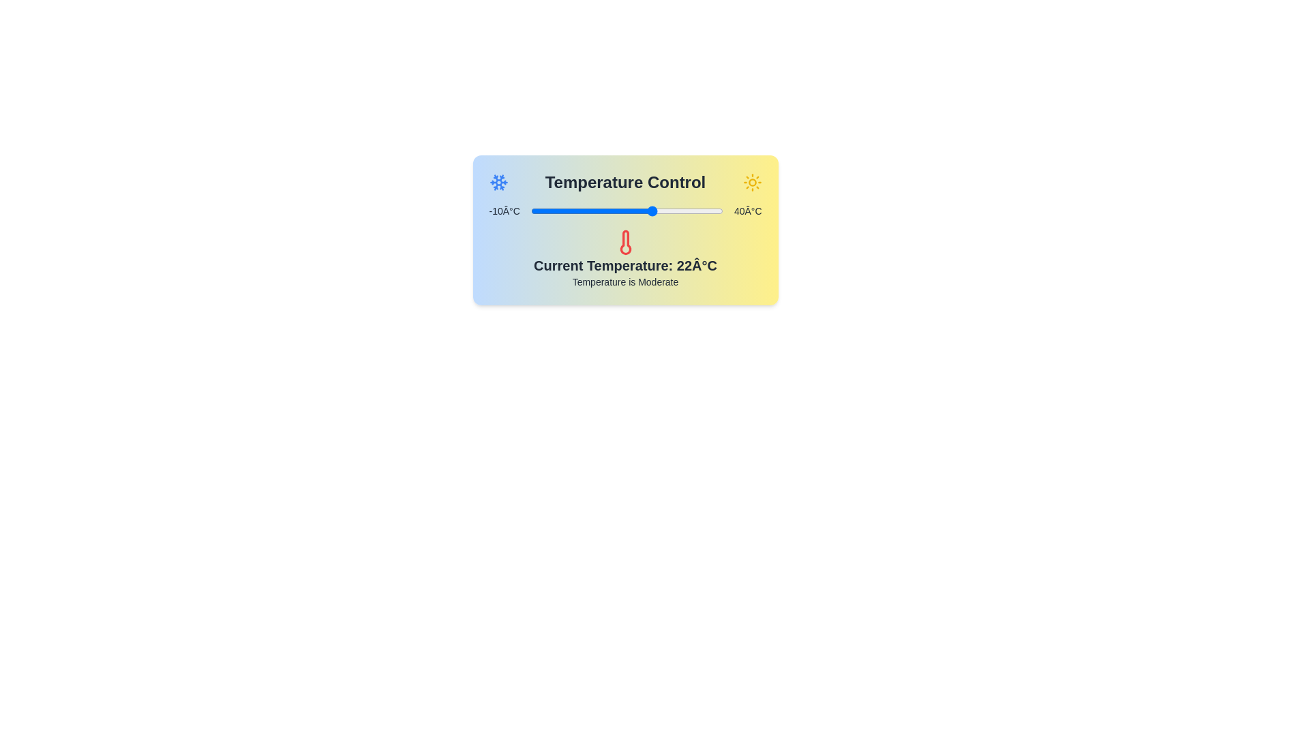 The height and width of the screenshot is (736, 1309). I want to click on the slider to set the temperature to 0°C, so click(569, 211).